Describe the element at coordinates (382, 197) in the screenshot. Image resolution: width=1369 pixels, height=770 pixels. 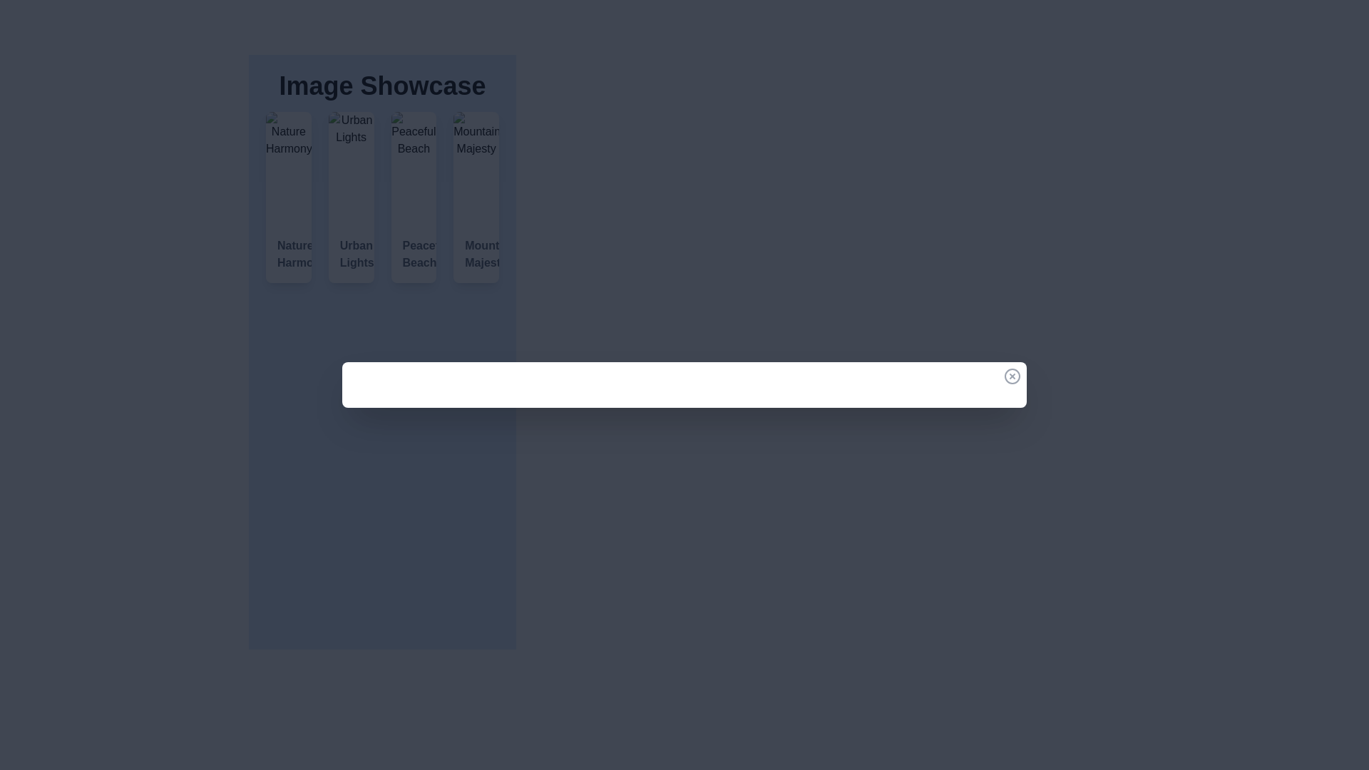
I see `the grid containing interactive cards to view images and titles, specifically the sections titled 'Nature Harmony', 'Urban Lights', 'Peaceful Beach', and 'Mountain Majesty'` at that location.